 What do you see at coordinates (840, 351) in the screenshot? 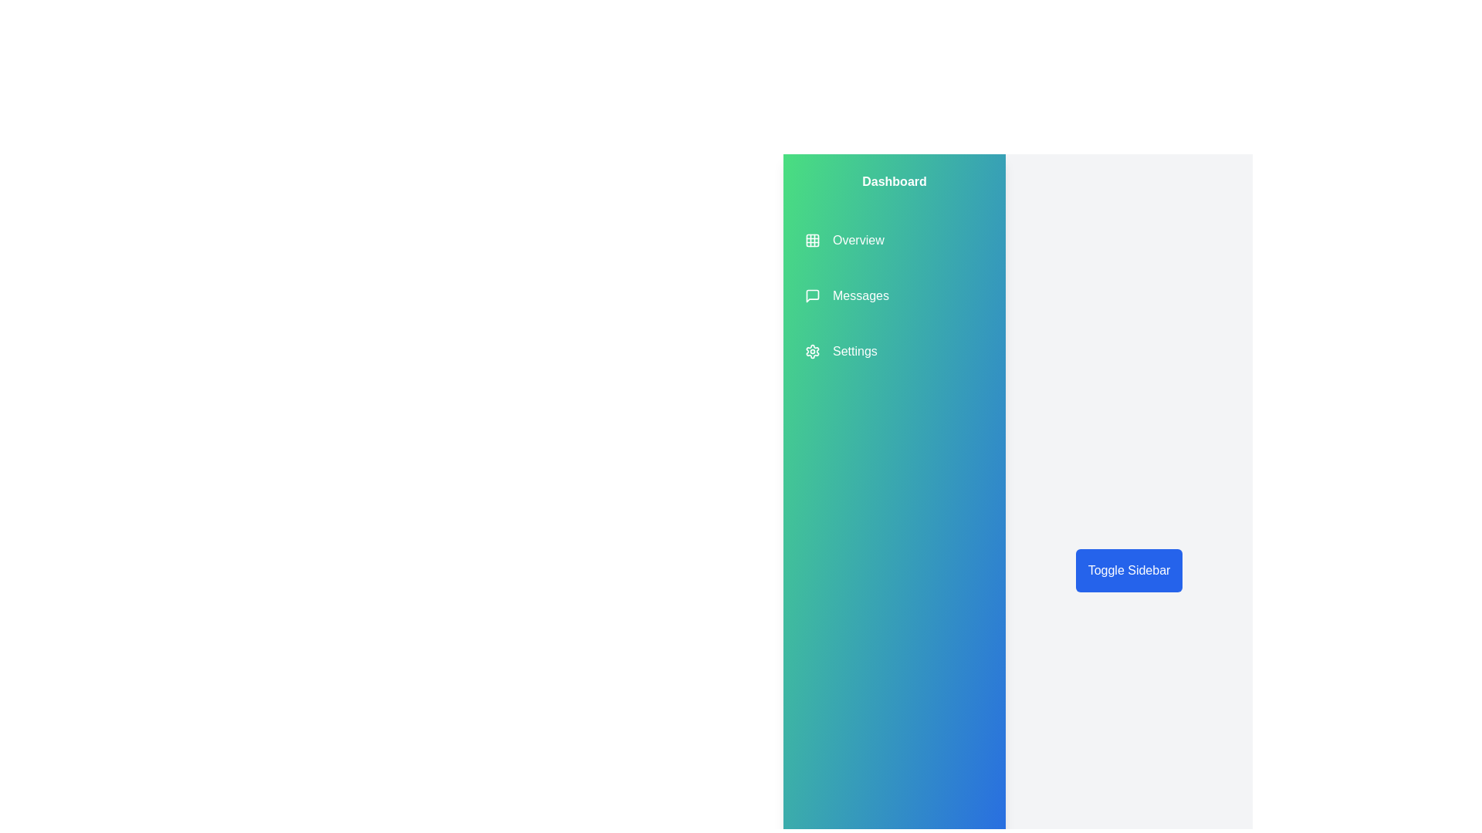
I see `the 'Settings' button in the sidebar menu` at bounding box center [840, 351].